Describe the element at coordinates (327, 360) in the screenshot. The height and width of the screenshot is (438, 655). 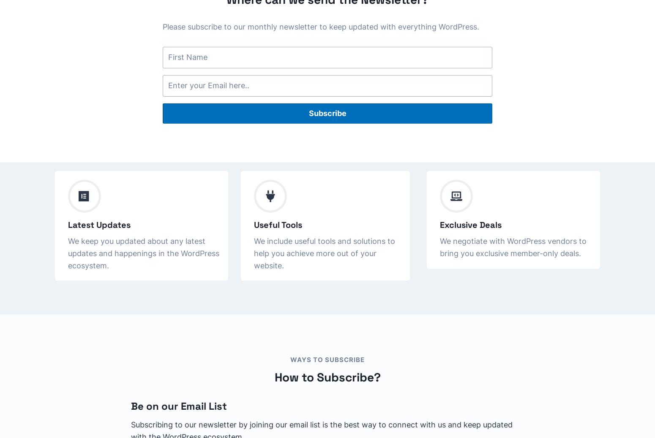
I see `'WAYS TO SUBSCRIBE'` at that location.